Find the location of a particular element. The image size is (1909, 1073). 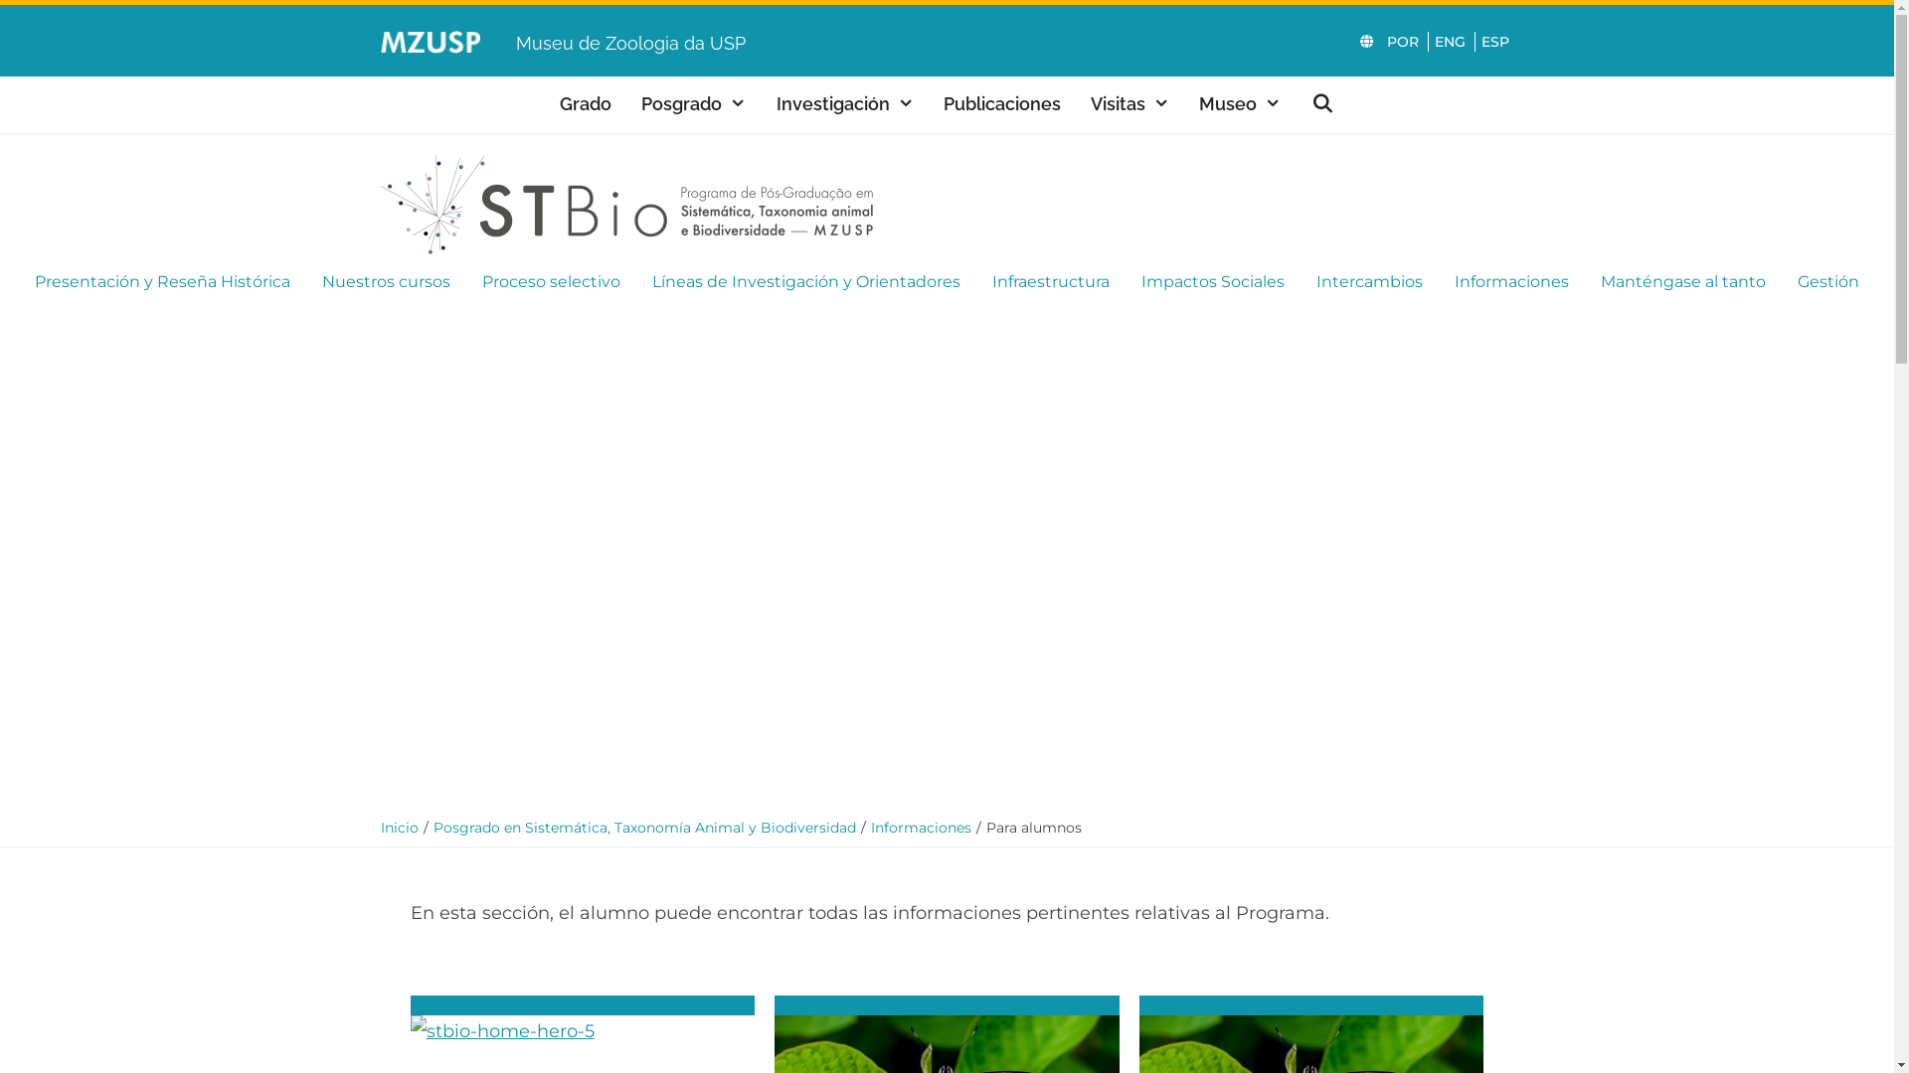

'Informaciones' is located at coordinates (1511, 282).